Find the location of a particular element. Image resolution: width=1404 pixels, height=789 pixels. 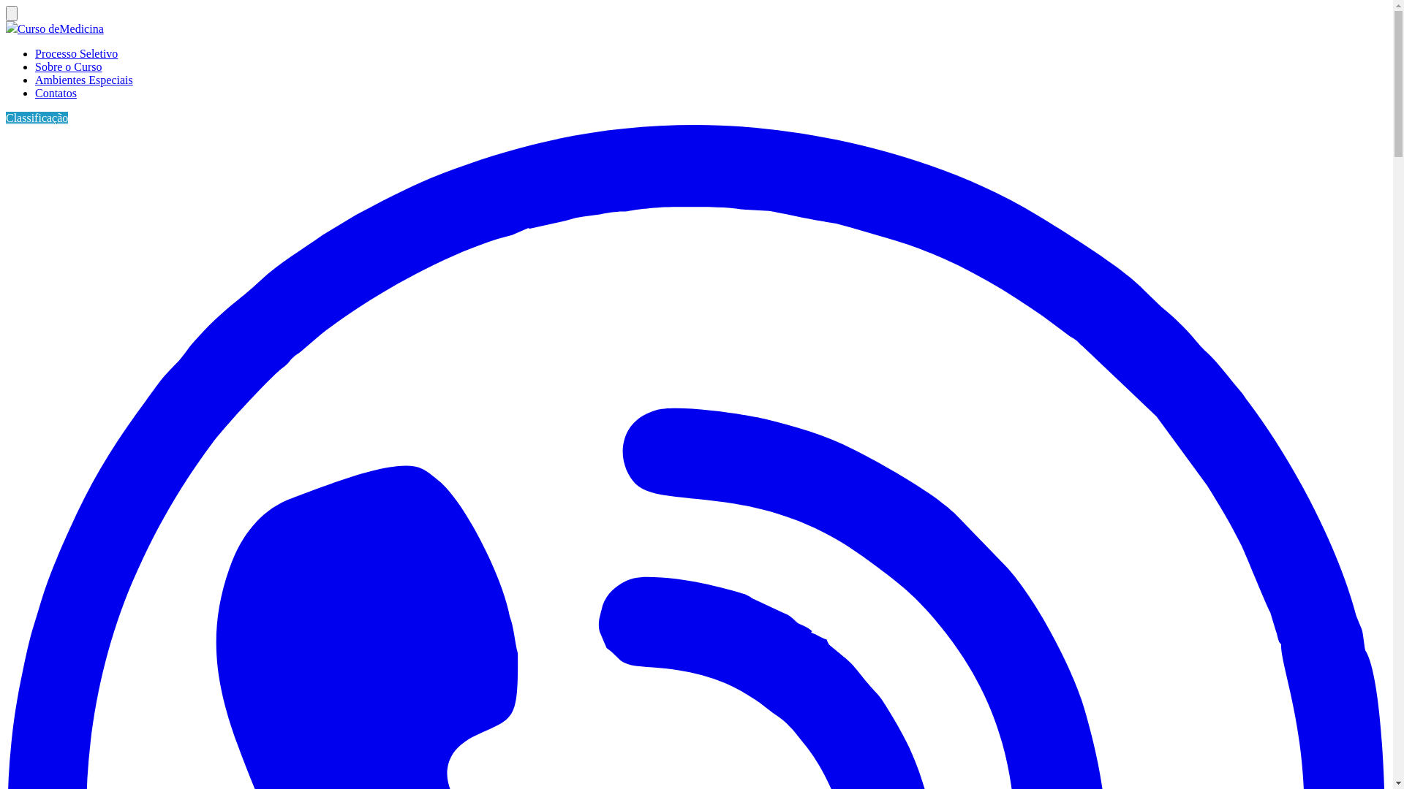

'Ambientes Especiais' is located at coordinates (83, 80).